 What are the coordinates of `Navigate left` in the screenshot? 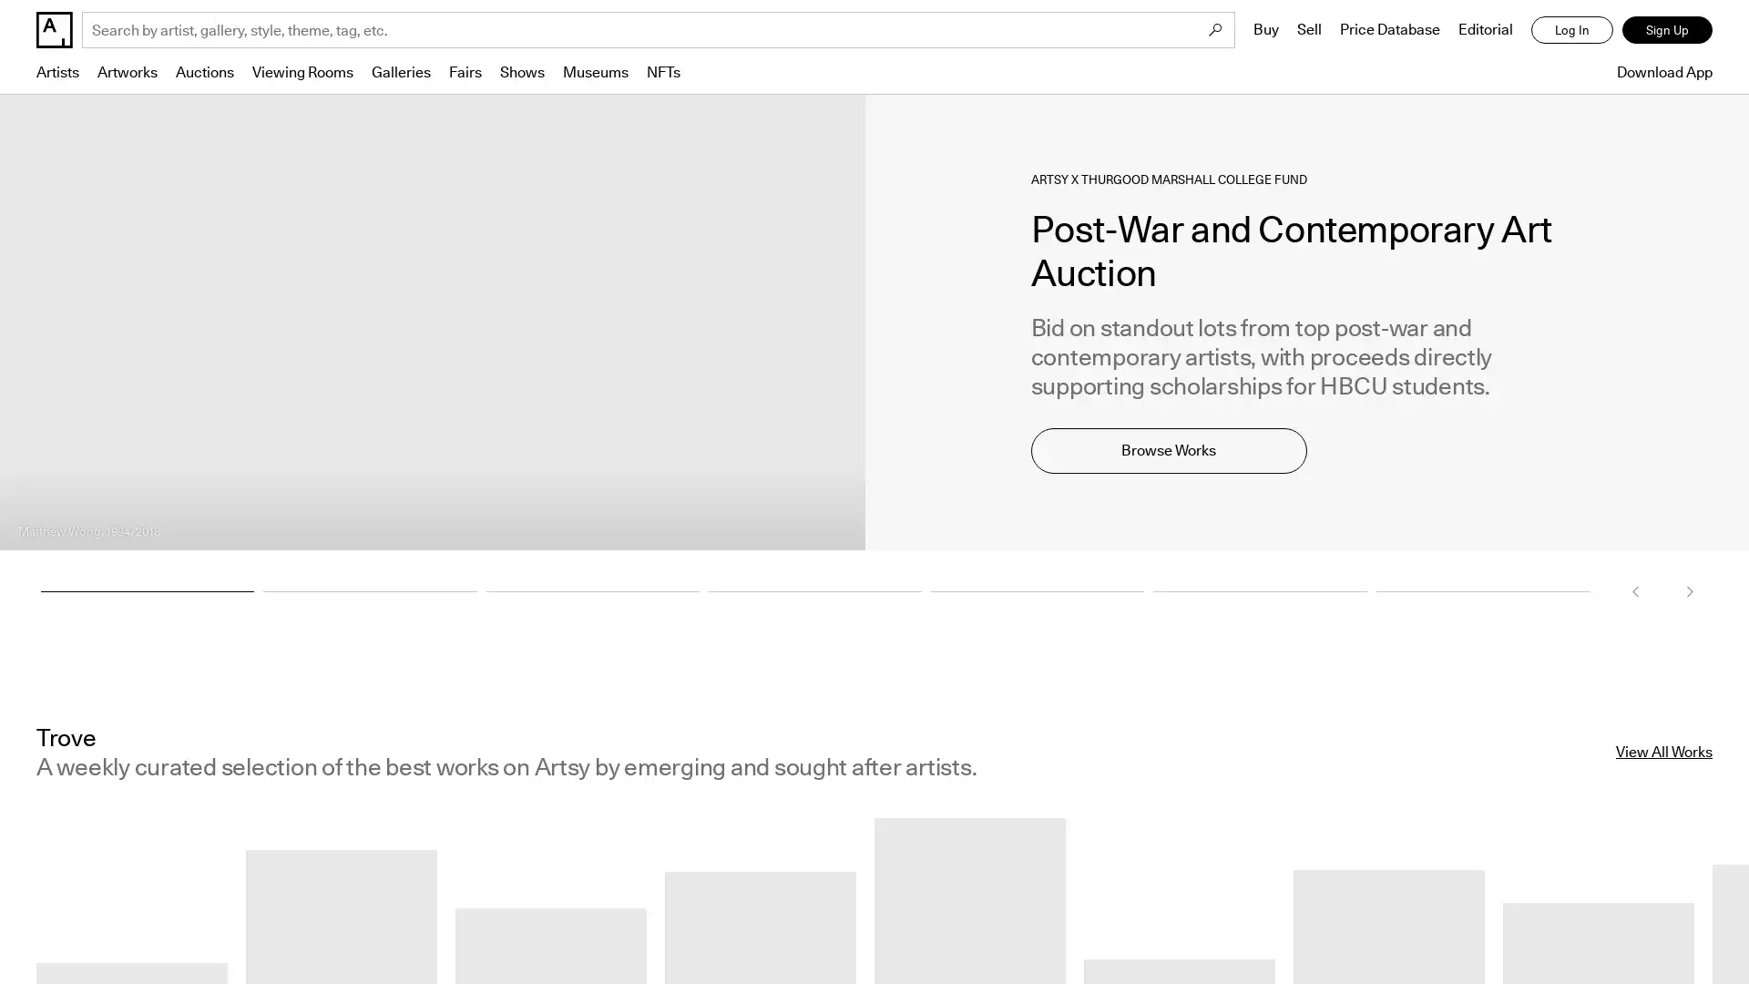 It's located at (1635, 590).